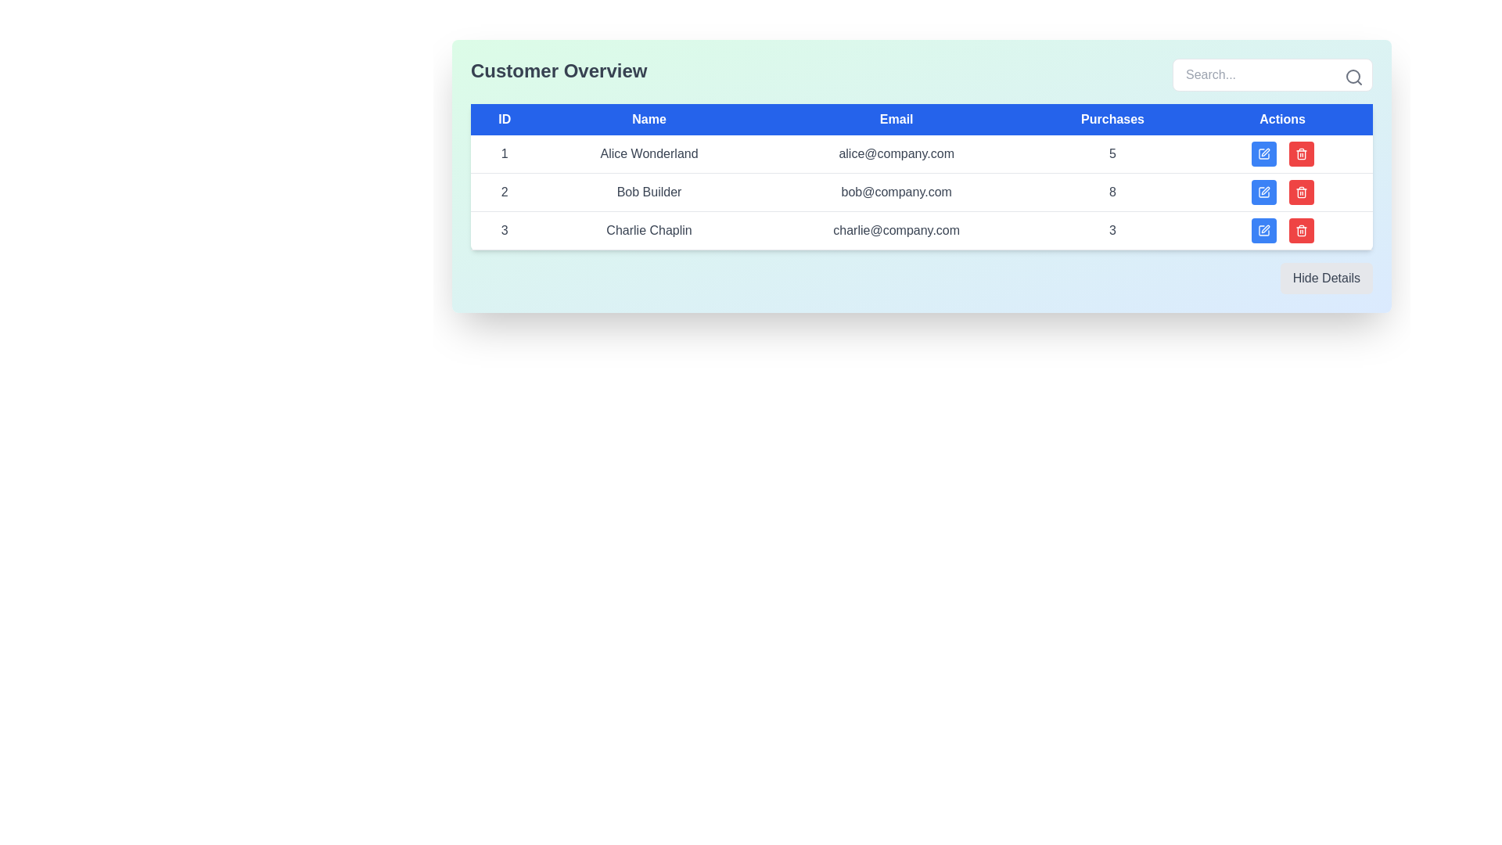 Image resolution: width=1502 pixels, height=845 pixels. What do you see at coordinates (505, 154) in the screenshot?
I see `the numeric label '1' in the first column of the table under the 'ID' header` at bounding box center [505, 154].